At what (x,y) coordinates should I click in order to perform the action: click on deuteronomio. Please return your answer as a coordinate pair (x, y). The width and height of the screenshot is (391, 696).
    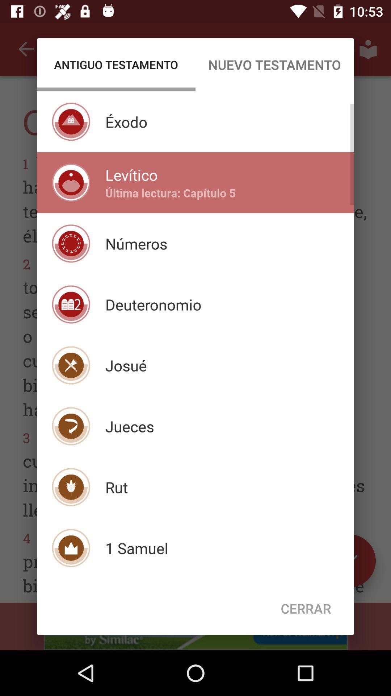
    Looking at the image, I should click on (153, 304).